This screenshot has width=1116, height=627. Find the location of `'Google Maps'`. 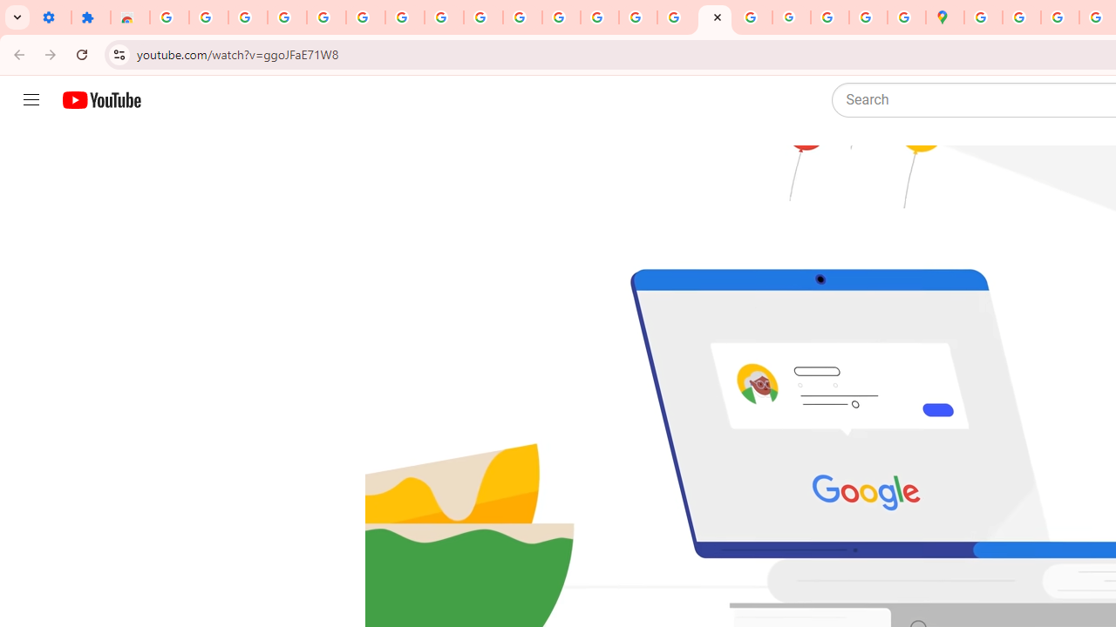

'Google Maps' is located at coordinates (944, 17).